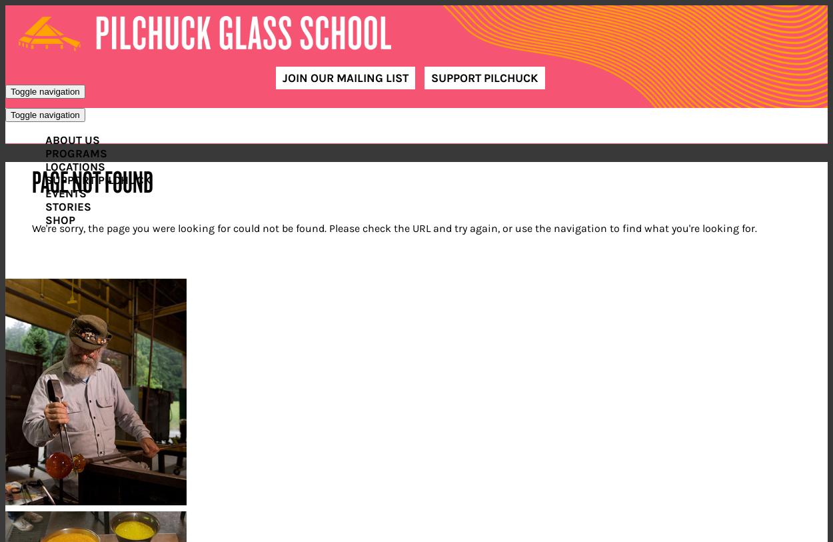  What do you see at coordinates (45, 192) in the screenshot?
I see `'Events'` at bounding box center [45, 192].